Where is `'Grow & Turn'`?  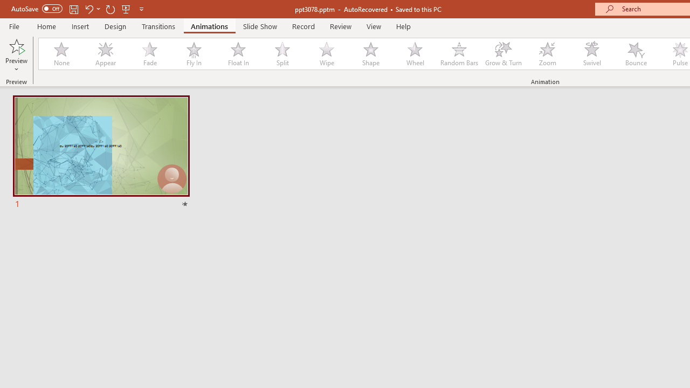 'Grow & Turn' is located at coordinates (503, 54).